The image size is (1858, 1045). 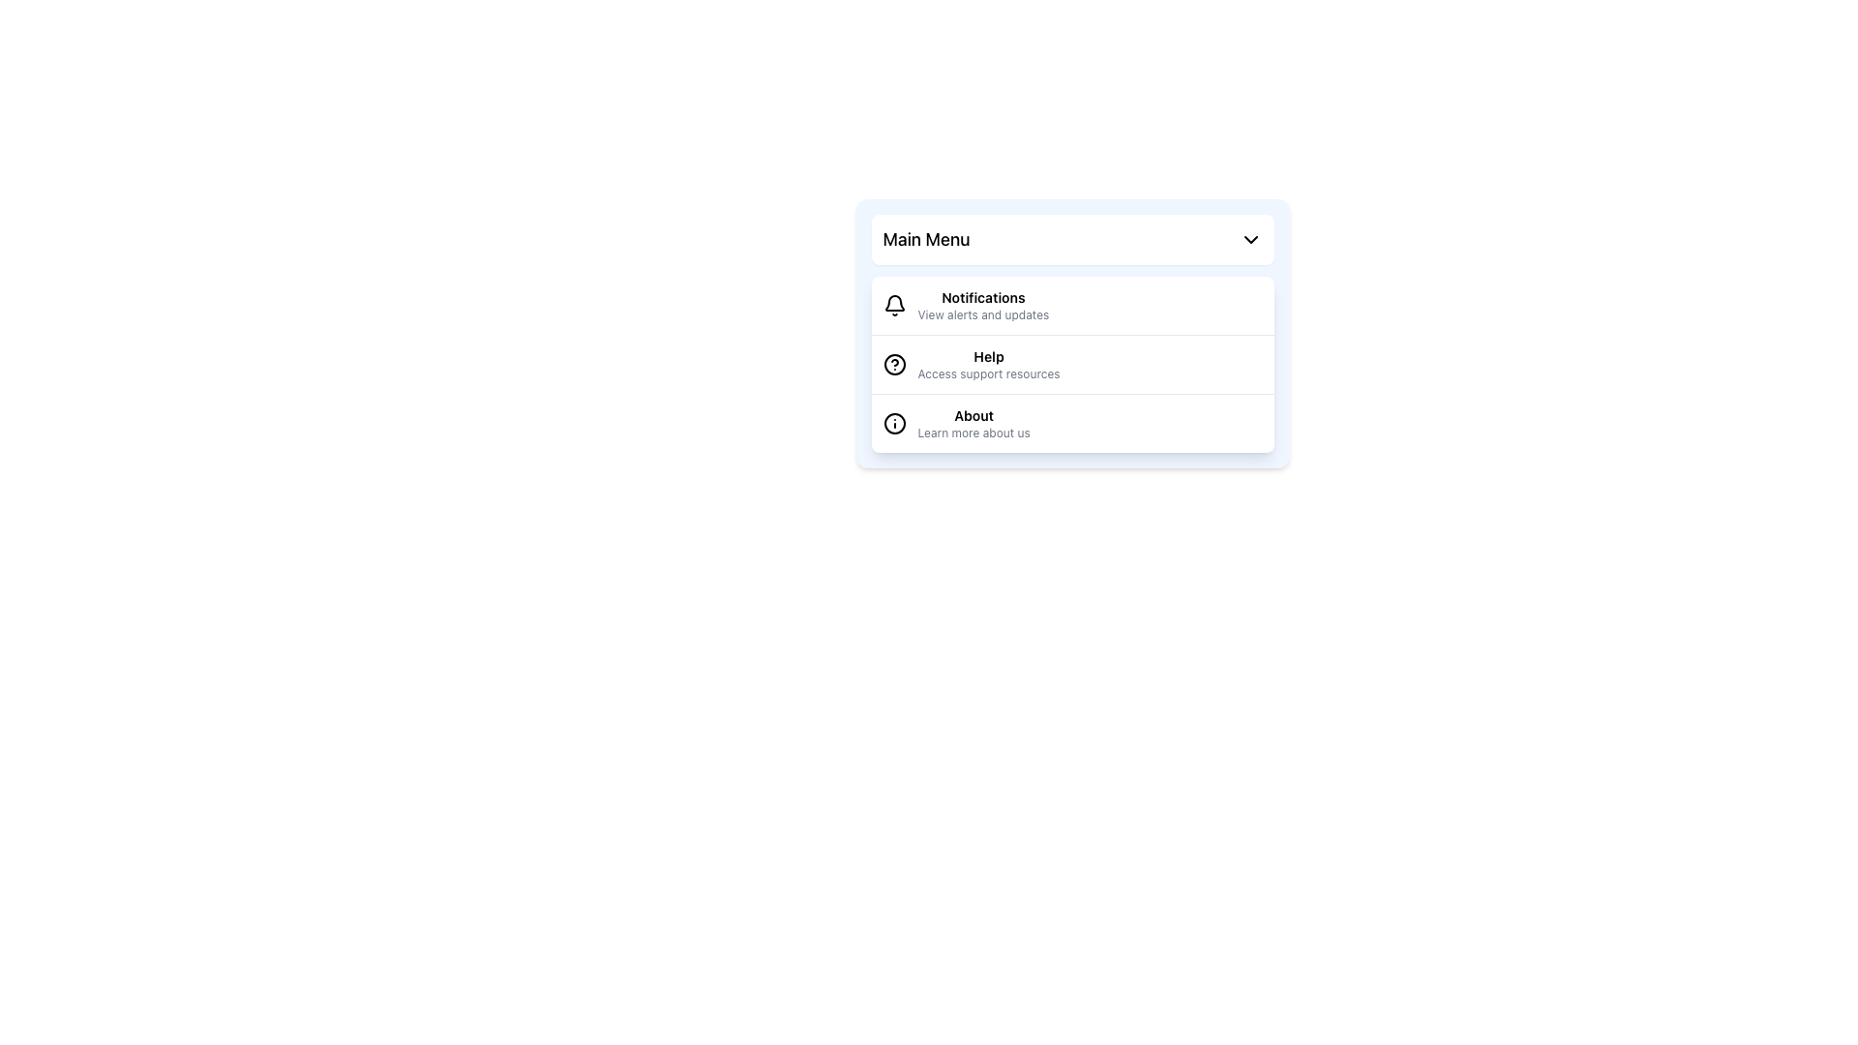 I want to click on the 'Notifications' icon located in the 'Main Menu' to activate its functionality, so click(x=893, y=305).